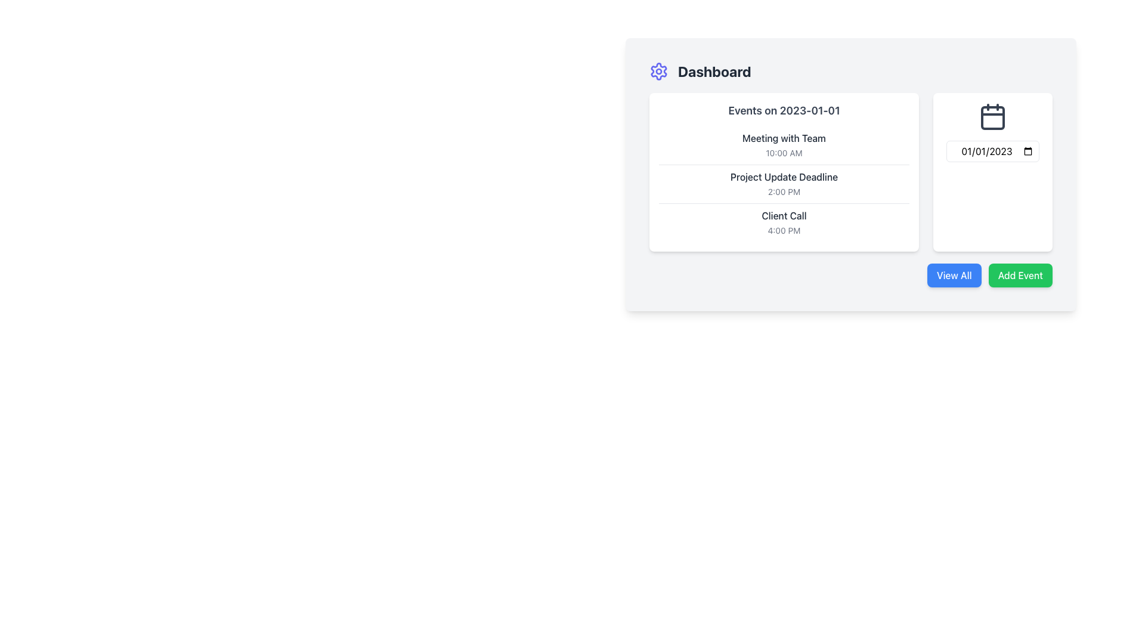  What do you see at coordinates (784, 222) in the screenshot?
I see `the 'Client Call' text display, which includes the title in bold and dark font and the smaller text '4:00 PM' below it` at bounding box center [784, 222].